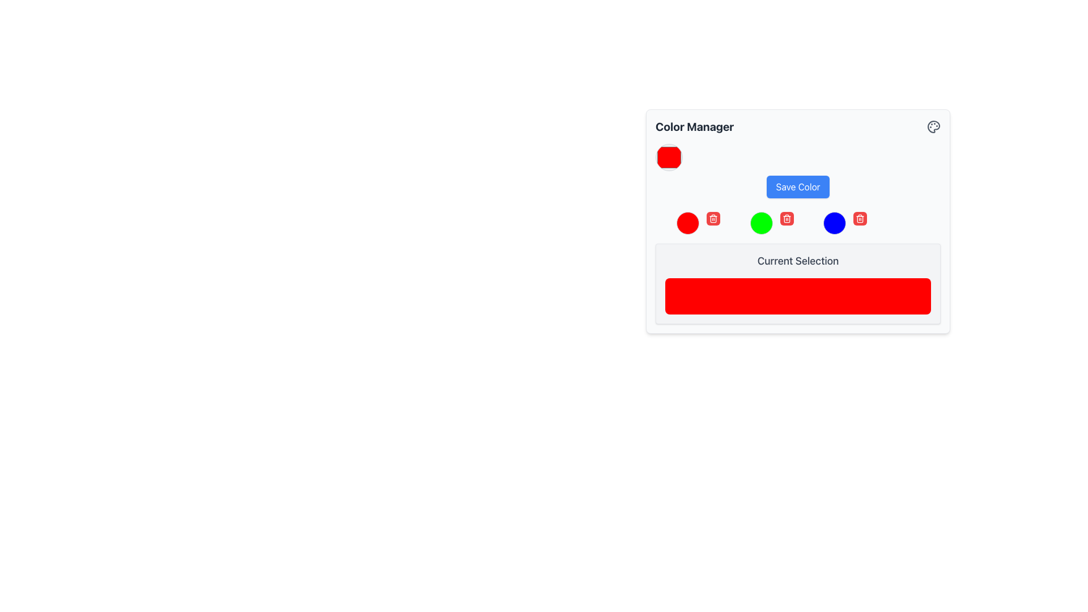 The width and height of the screenshot is (1088, 612). I want to click on the blue circular color indicator with a gray outline, which is the fourth item in the horizontal arrangement of circular elements in the color picker section, so click(835, 223).